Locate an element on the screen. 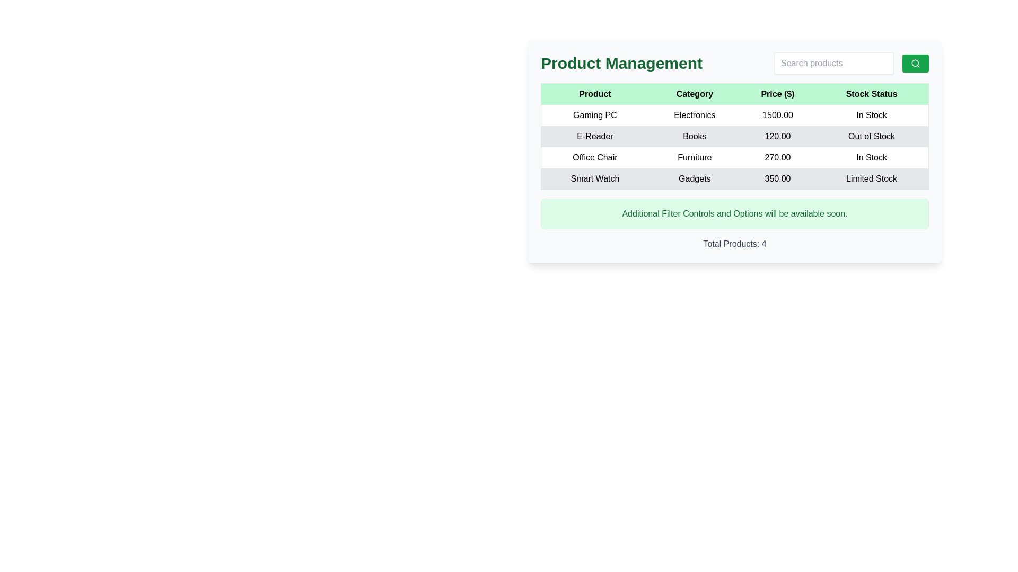  the text label displaying 'In Stock' which is located in the fourth column of the row for the product 'Office Chair' in the table layout is located at coordinates (872, 157).